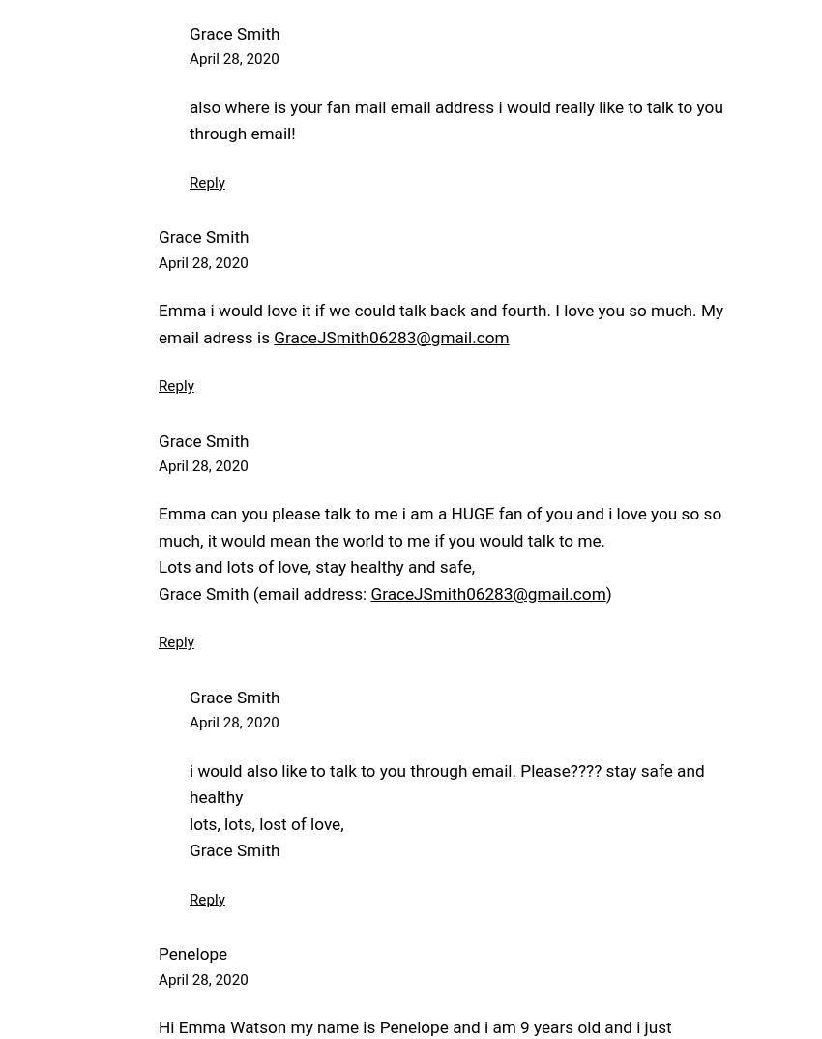  What do you see at coordinates (263, 593) in the screenshot?
I see `'Grace Smith (email address:'` at bounding box center [263, 593].